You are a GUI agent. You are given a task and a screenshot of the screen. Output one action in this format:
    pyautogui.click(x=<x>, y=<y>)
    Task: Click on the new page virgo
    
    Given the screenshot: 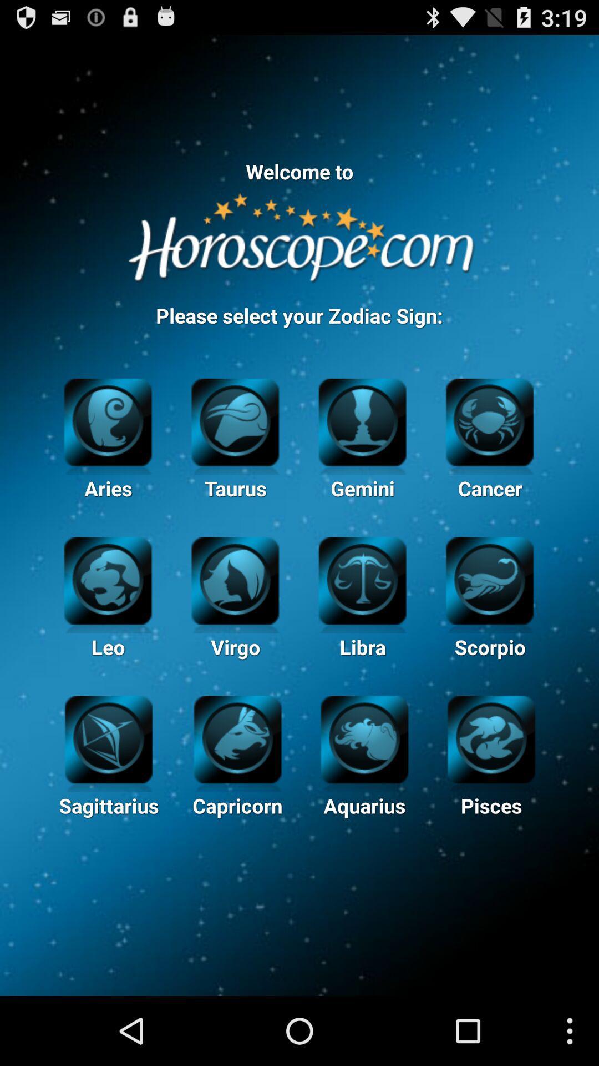 What is the action you would take?
    pyautogui.click(x=235, y=579)
    